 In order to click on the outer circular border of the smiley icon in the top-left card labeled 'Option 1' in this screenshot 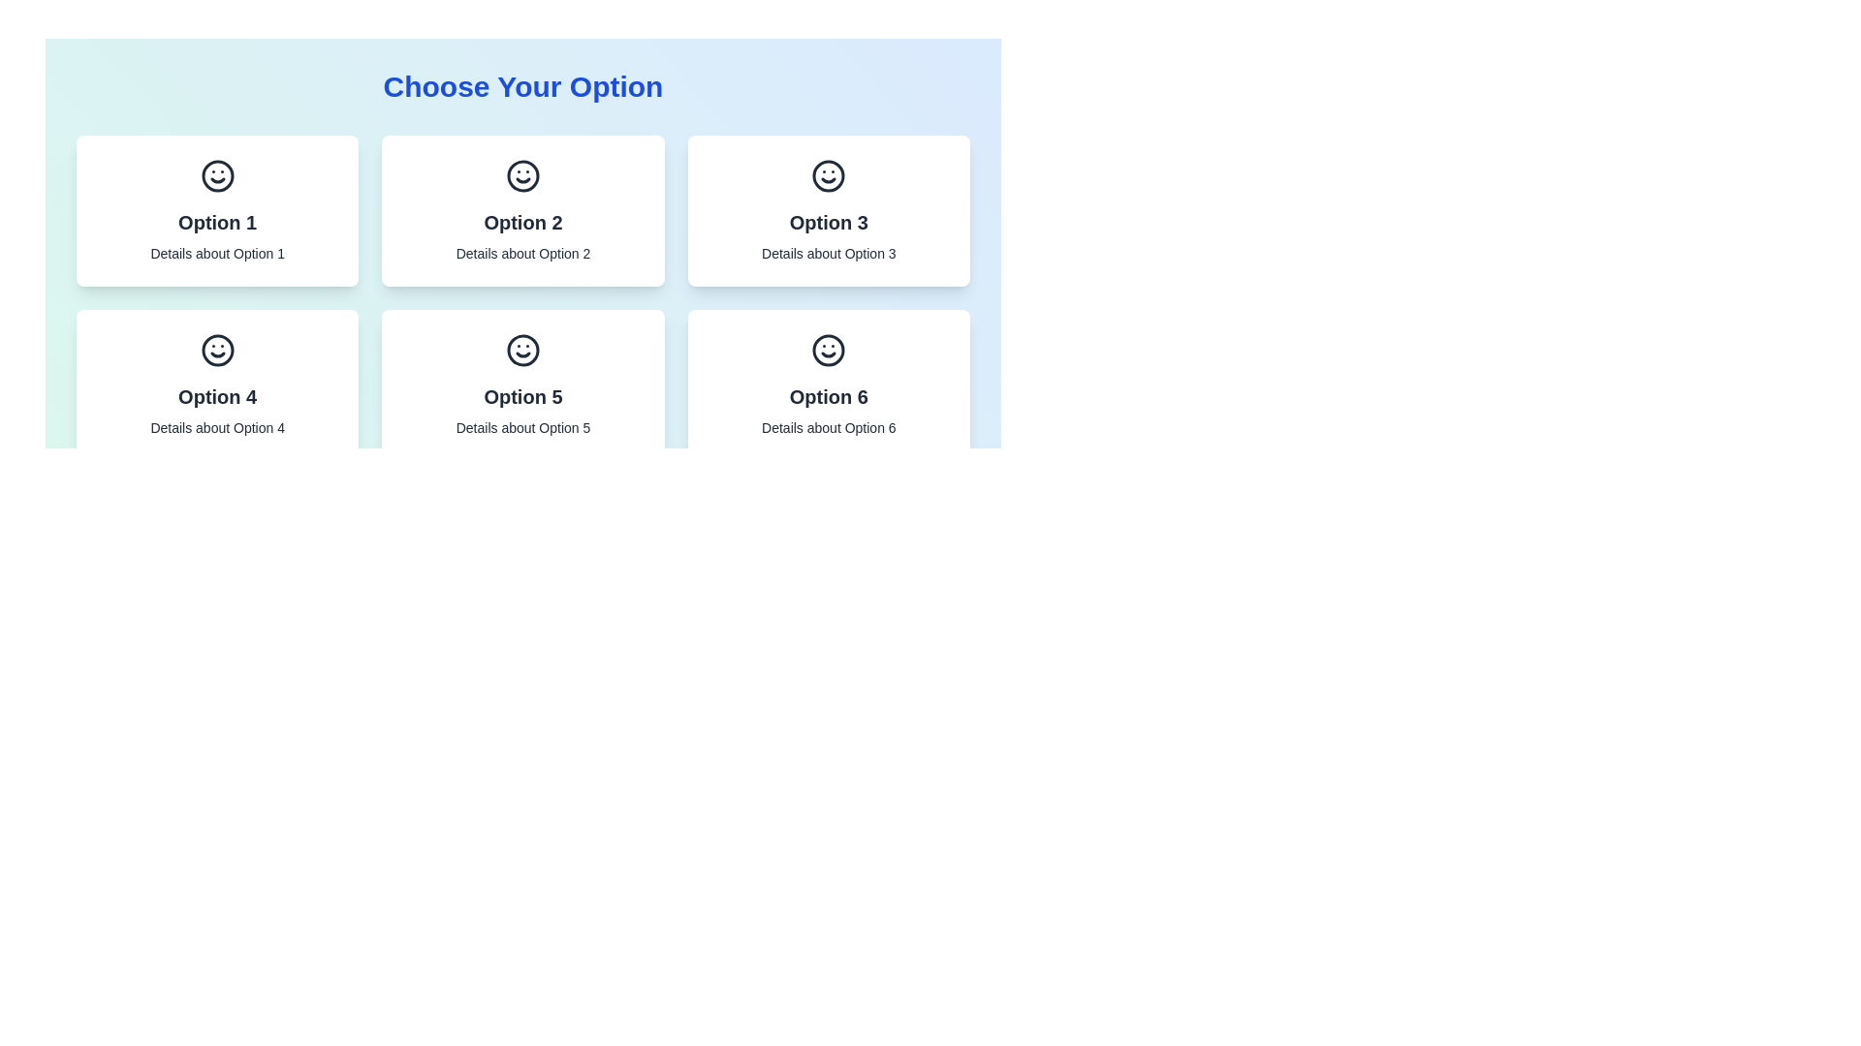, I will do `click(217, 175)`.